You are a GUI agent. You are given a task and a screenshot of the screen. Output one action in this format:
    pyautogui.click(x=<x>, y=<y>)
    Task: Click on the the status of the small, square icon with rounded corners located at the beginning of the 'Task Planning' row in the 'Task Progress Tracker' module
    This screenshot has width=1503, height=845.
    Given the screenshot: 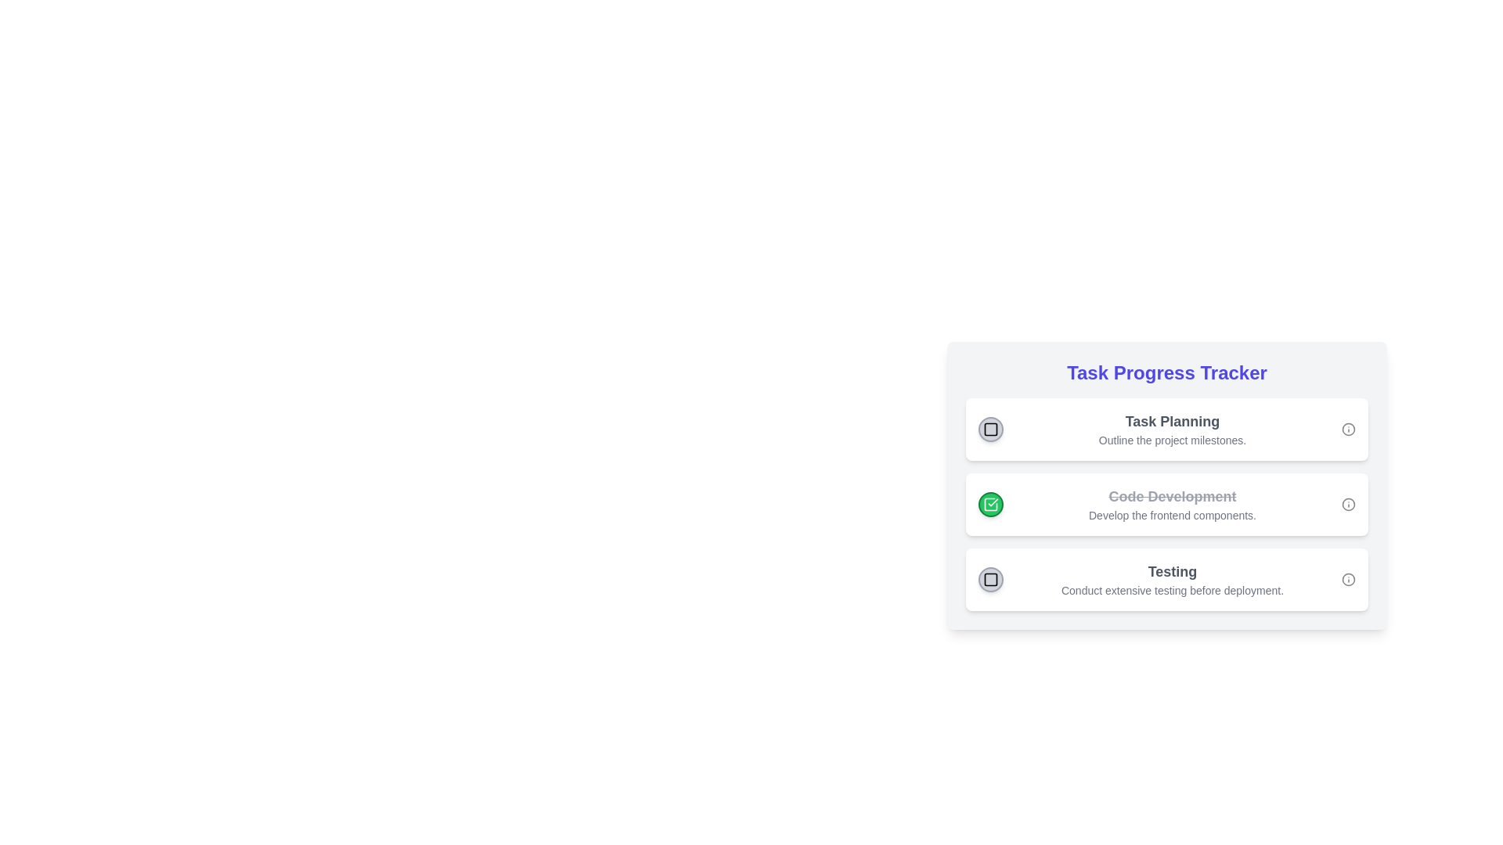 What is the action you would take?
    pyautogui.click(x=990, y=429)
    